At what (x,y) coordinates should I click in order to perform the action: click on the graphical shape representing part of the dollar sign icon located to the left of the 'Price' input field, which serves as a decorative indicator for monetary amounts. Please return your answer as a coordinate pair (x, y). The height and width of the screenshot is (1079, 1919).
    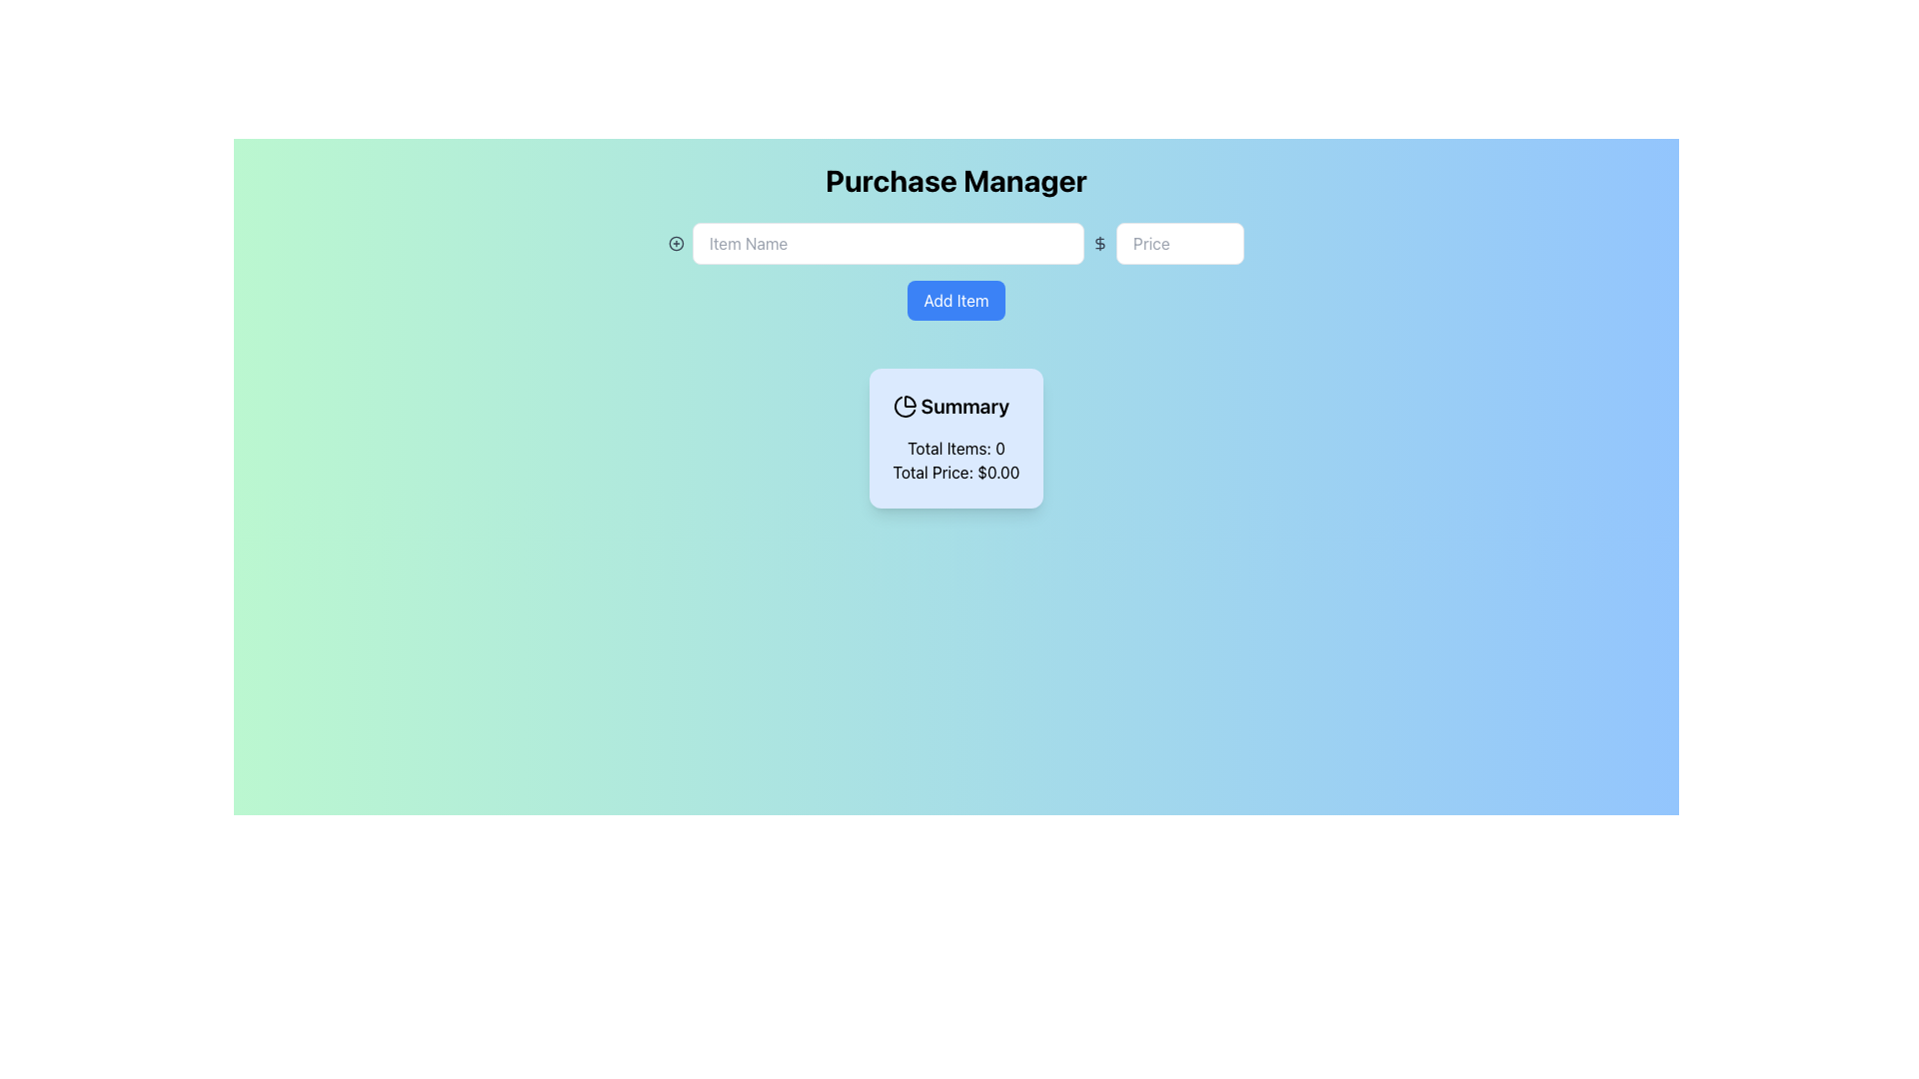
    Looking at the image, I should click on (1099, 242).